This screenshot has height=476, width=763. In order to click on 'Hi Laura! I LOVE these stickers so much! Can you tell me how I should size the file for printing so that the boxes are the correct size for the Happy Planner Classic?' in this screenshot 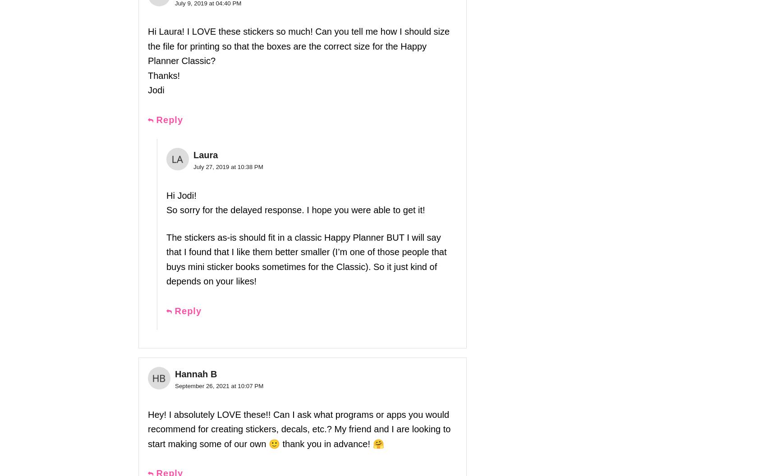, I will do `click(299, 46)`.